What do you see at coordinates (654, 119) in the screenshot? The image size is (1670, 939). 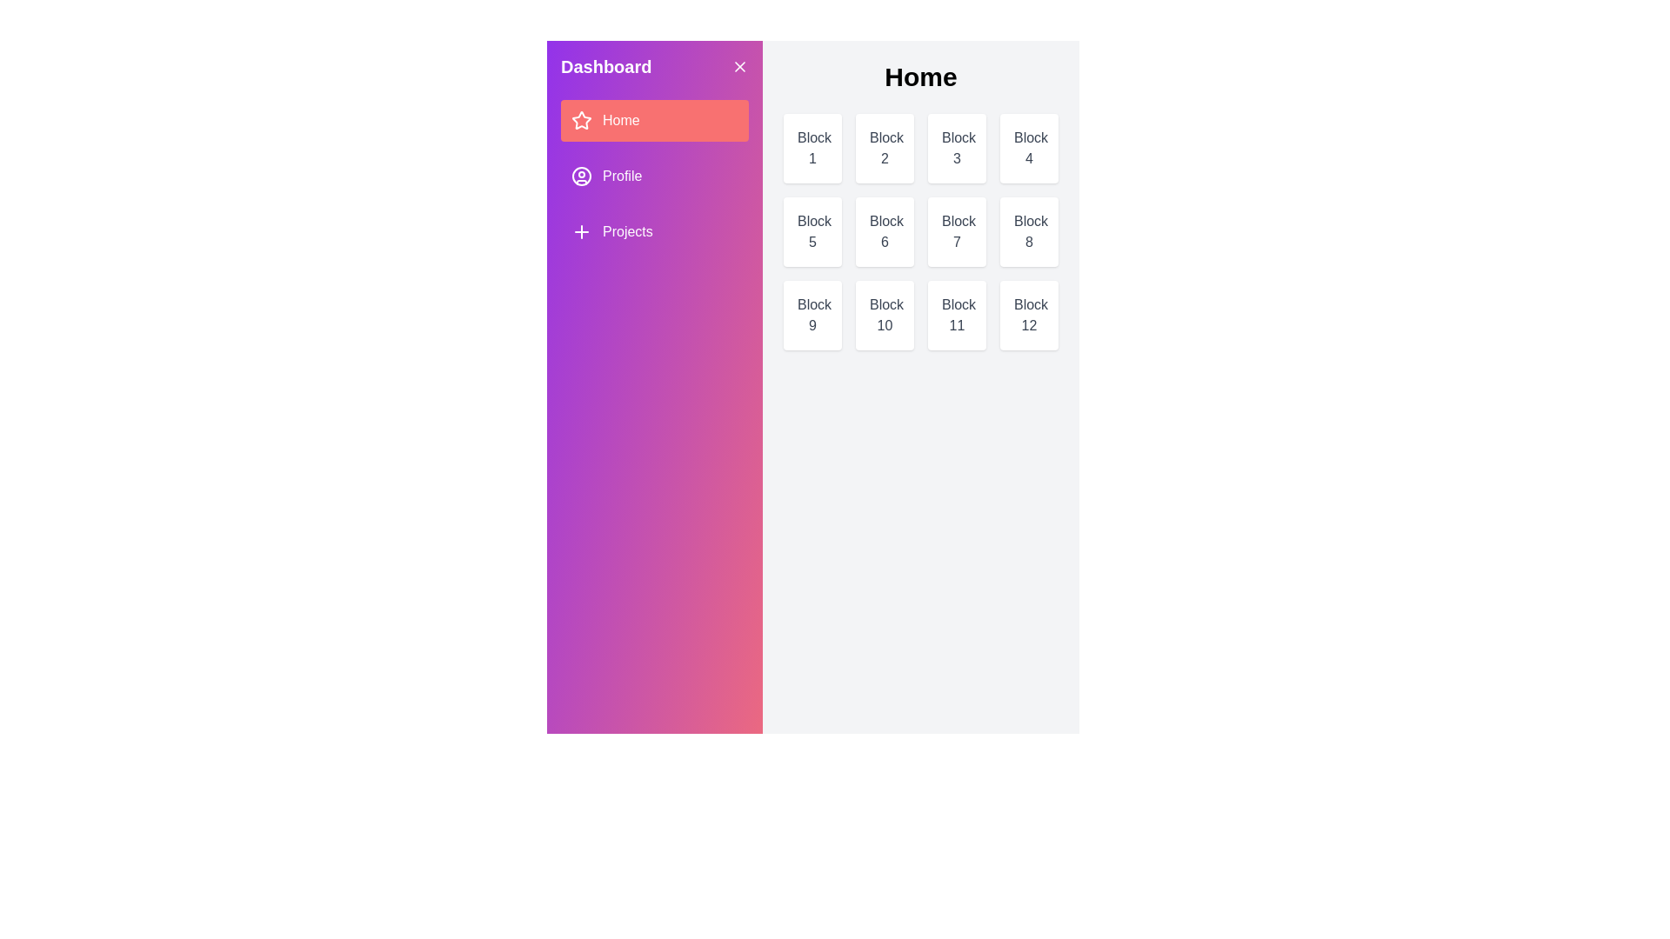 I see `the menu item corresponding to Home to navigate to that section` at bounding box center [654, 119].